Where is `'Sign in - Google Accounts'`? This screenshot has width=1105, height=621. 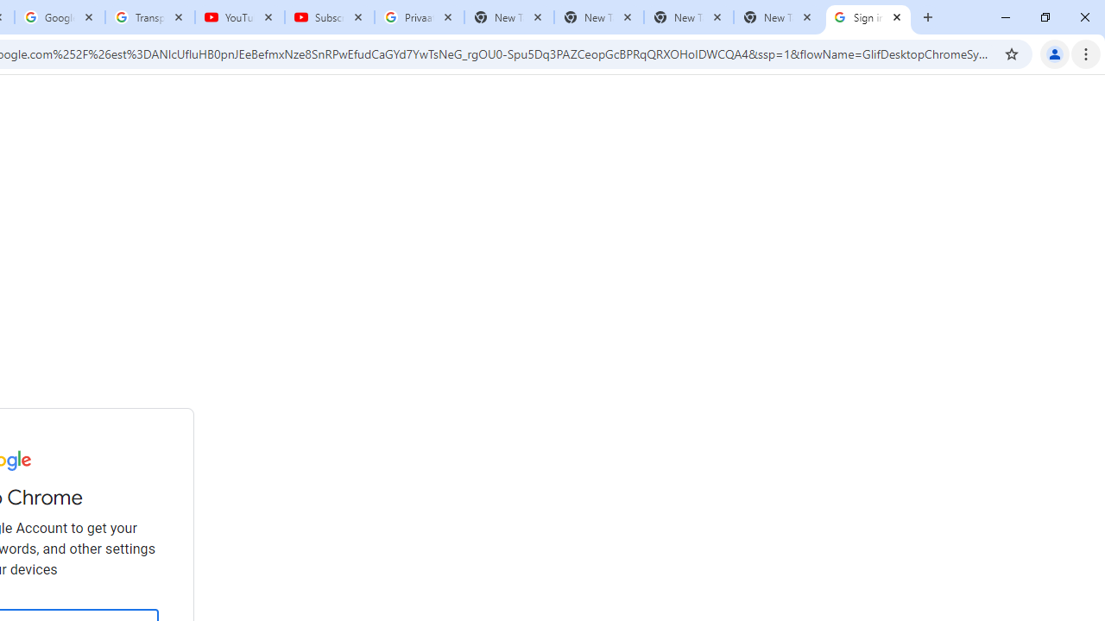 'Sign in - Google Accounts' is located at coordinates (868, 17).